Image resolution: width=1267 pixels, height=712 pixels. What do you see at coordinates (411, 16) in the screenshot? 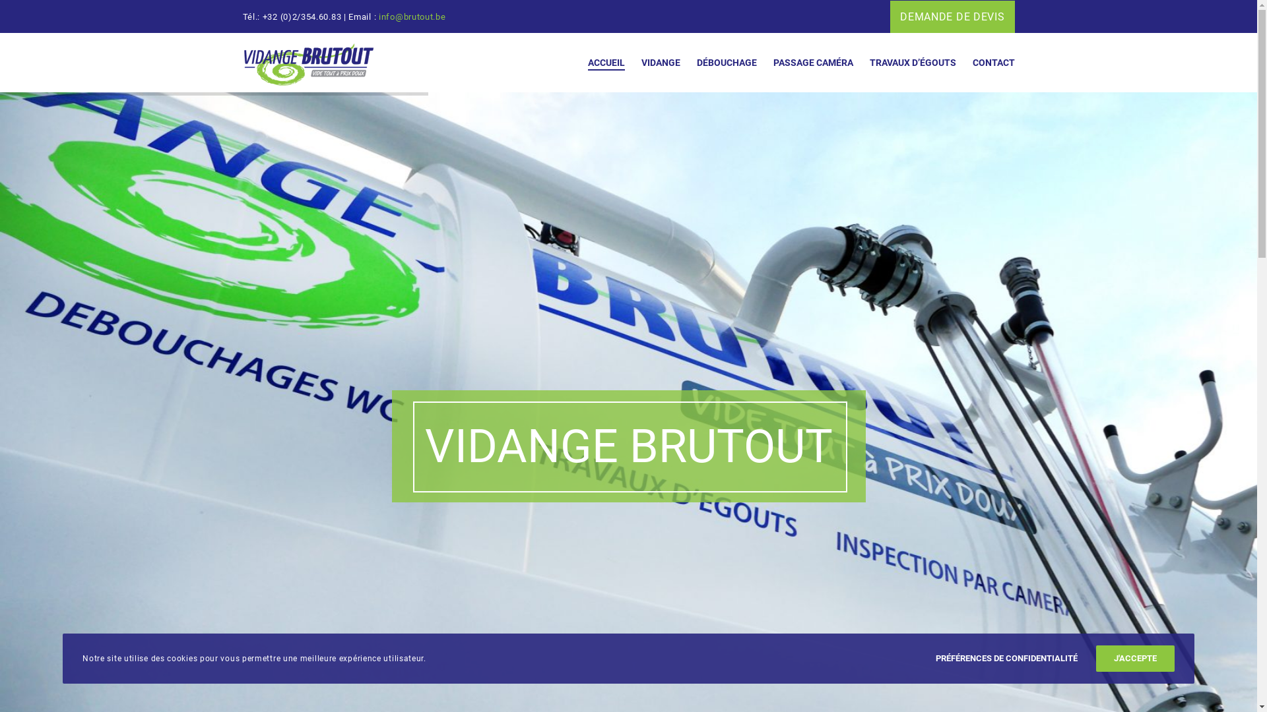
I see `'info@brutout.be'` at bounding box center [411, 16].